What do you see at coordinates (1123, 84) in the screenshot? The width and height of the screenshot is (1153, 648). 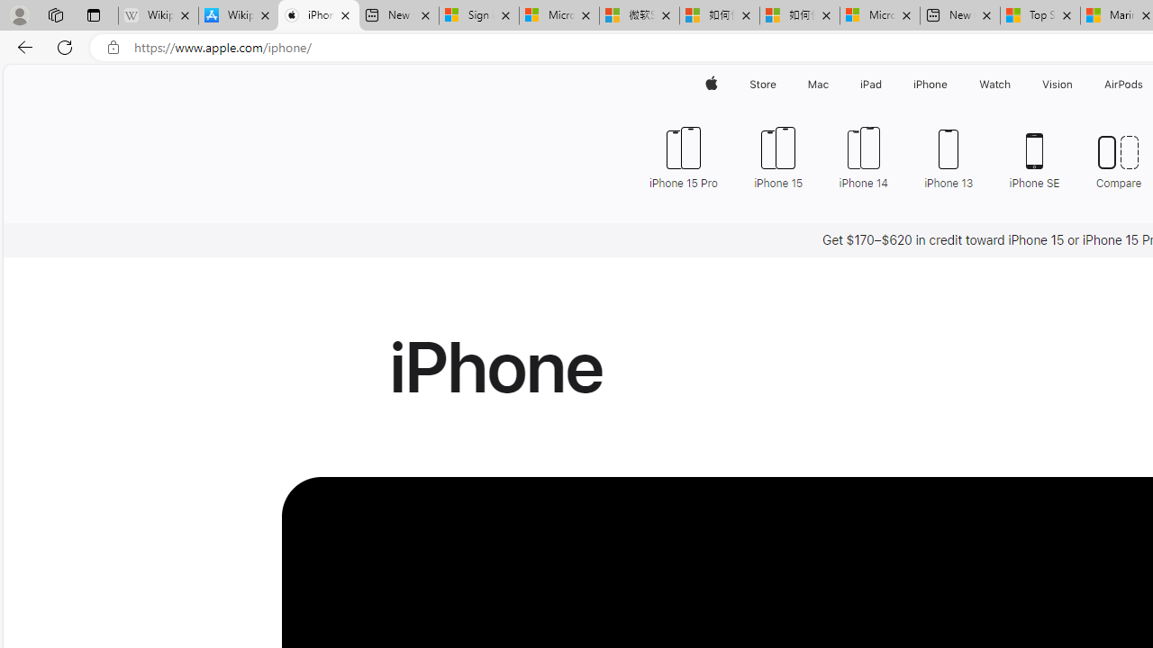 I see `'AirPods'` at bounding box center [1123, 84].